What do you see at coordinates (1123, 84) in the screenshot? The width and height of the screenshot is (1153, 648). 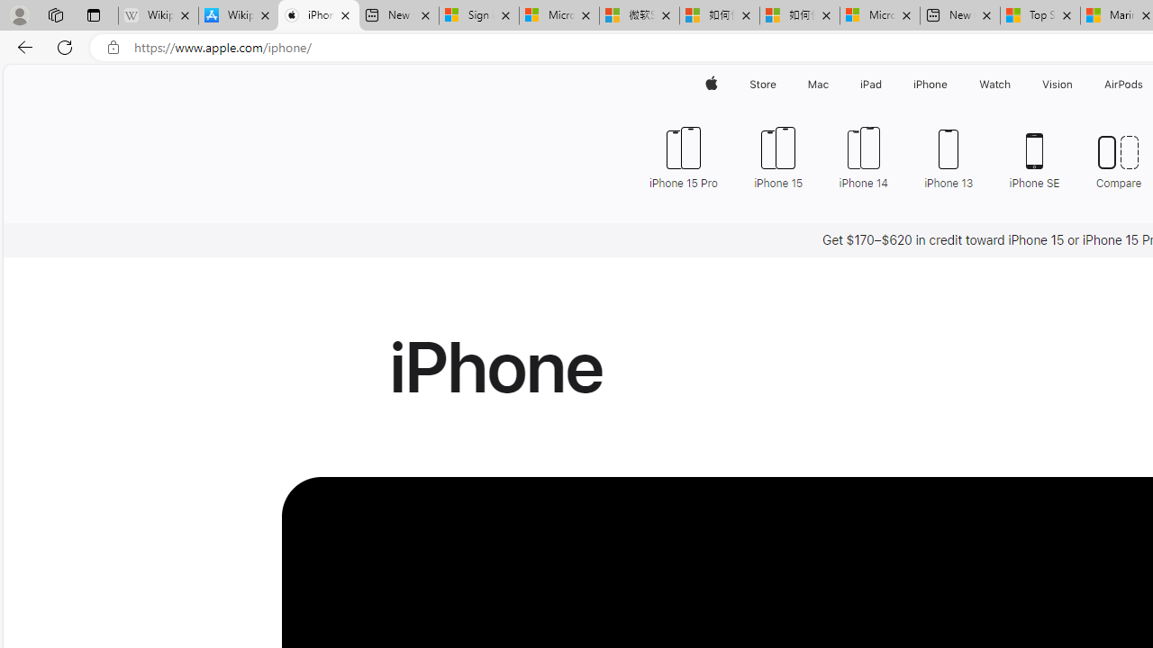 I see `'AirPods'` at bounding box center [1123, 84].